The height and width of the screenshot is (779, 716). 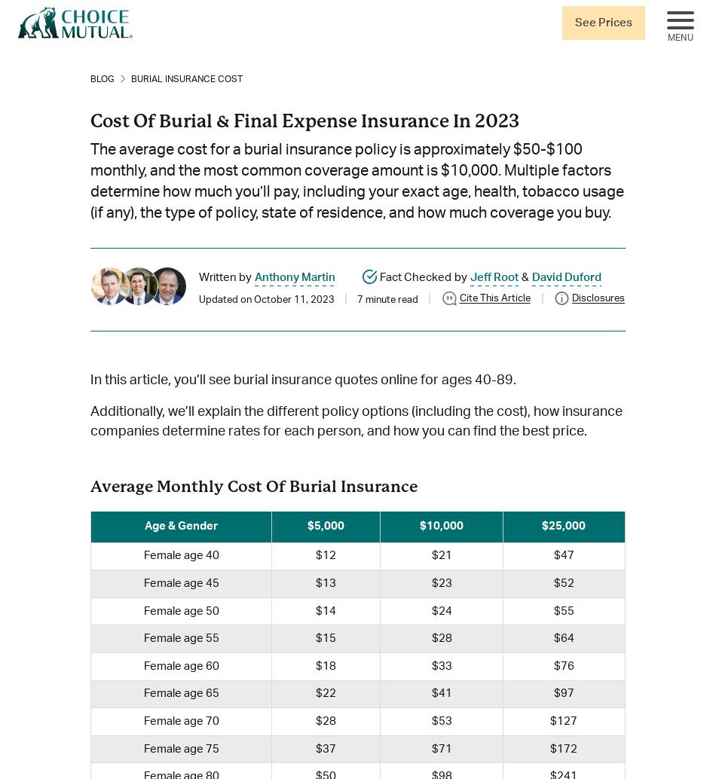 What do you see at coordinates (179, 692) in the screenshot?
I see `'Female age 65'` at bounding box center [179, 692].